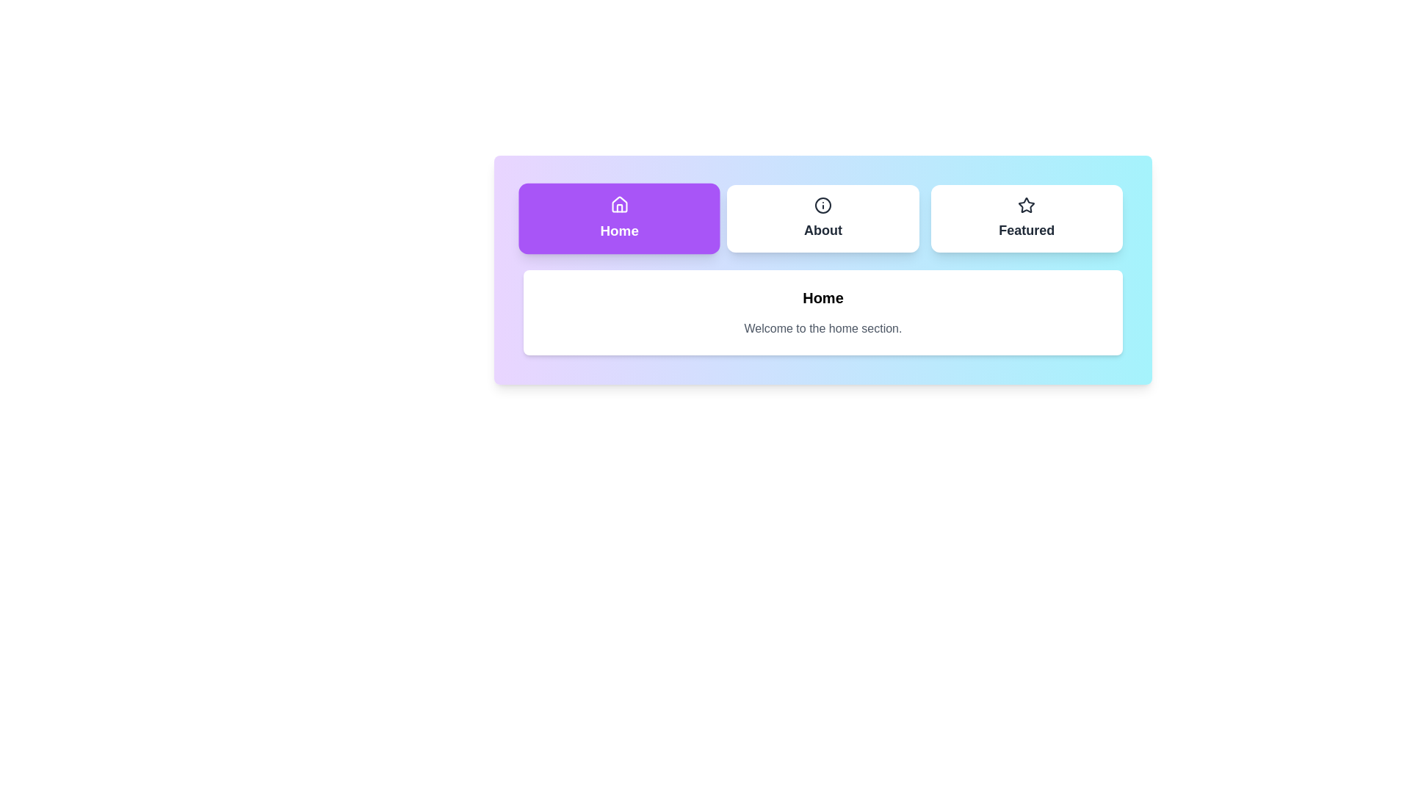  What do you see at coordinates (822, 218) in the screenshot?
I see `the About tab to switch to its view` at bounding box center [822, 218].